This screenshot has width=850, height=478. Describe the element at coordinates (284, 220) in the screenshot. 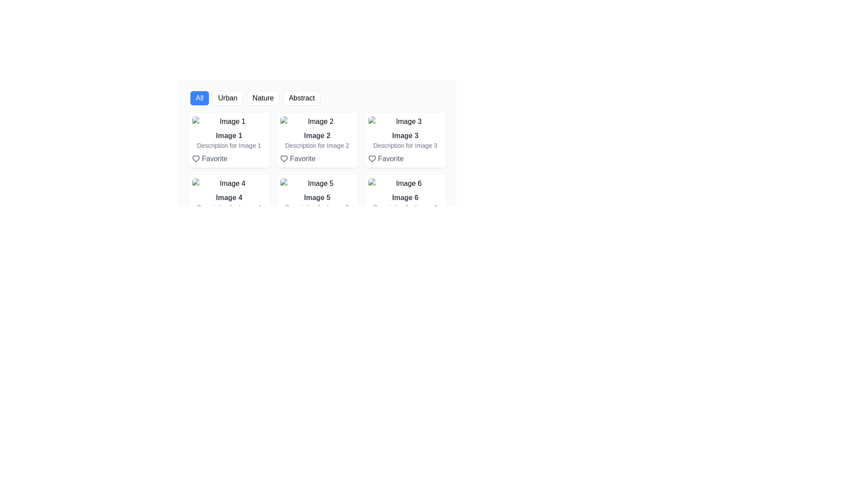

I see `the heart-shaped icon representing the 'Favorite' action located at the bottom-left corner of the card for 'Image 5'` at that location.